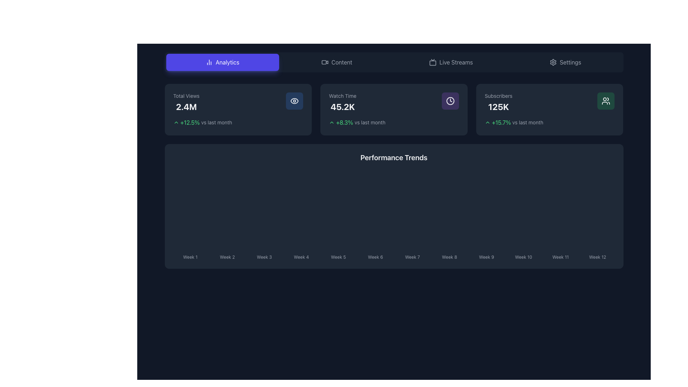  What do you see at coordinates (524, 257) in the screenshot?
I see `the text label for 'Week 10' in the performance trends chart, located in the bottom section between 'Week 9' and 'Week 11'` at bounding box center [524, 257].